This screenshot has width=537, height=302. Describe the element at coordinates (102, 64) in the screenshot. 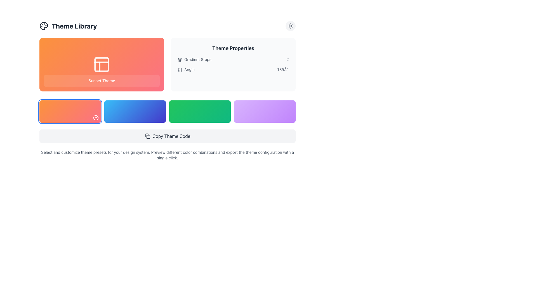

I see `the upper-left vector graphic component of the 'Sunset Theme' icon, which is the first card in a grid of colored rectangular cards` at that location.